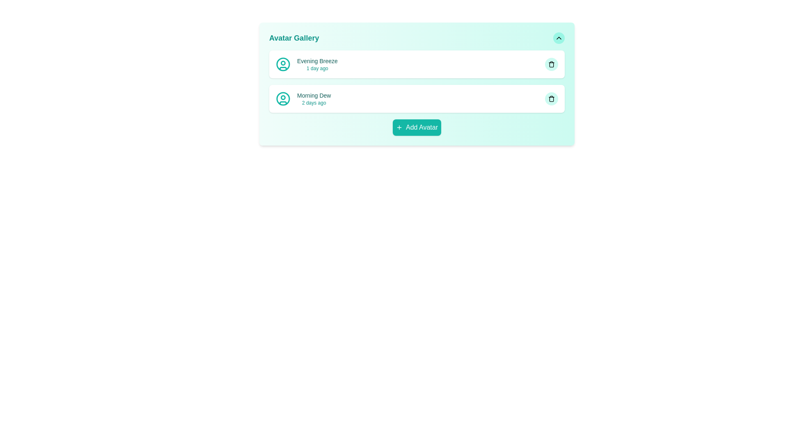 The image size is (788, 443). What do you see at coordinates (317, 61) in the screenshot?
I see `the text label 'Evening Breeze' which identifies a specific user entry in the 'Avatar Gallery' card` at bounding box center [317, 61].